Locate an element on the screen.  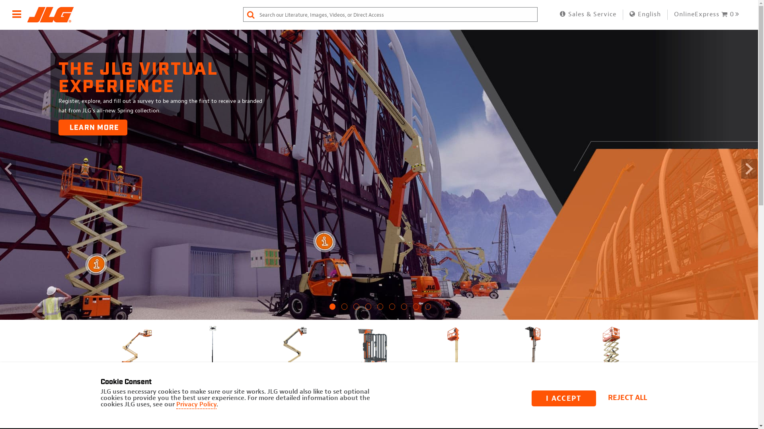
'Vertical Lifts' is located at coordinates (452, 353).